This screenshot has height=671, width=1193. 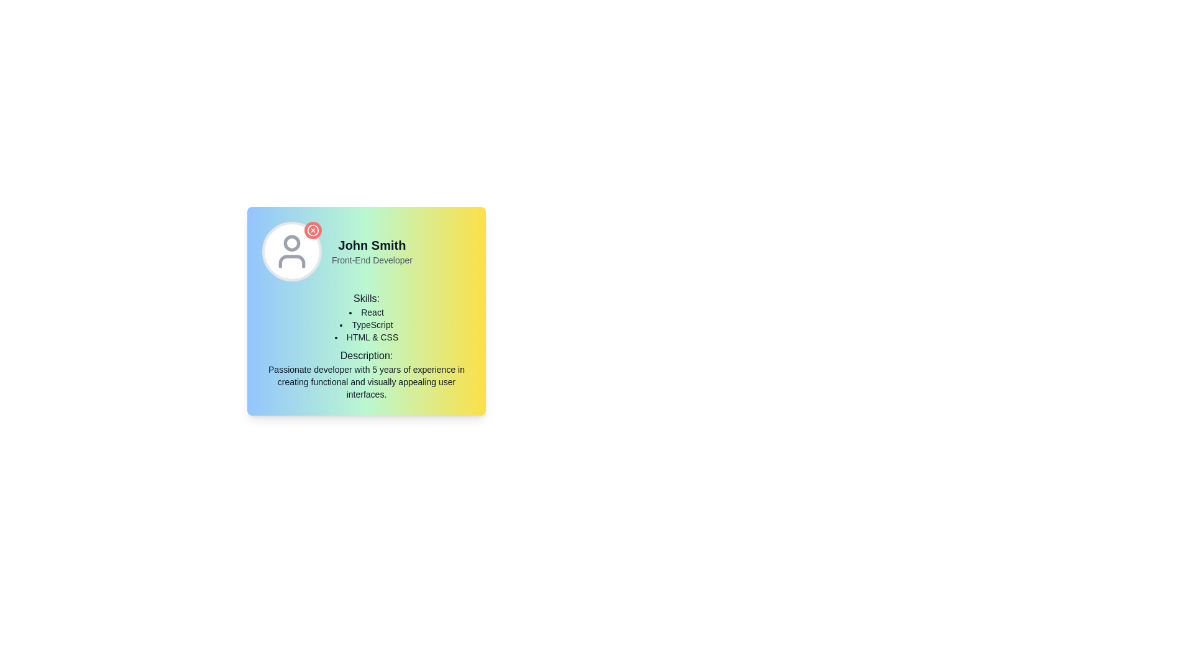 What do you see at coordinates (372, 260) in the screenshot?
I see `the text label displaying 'Front-End Developer' beneath 'John Smith' in the profile card` at bounding box center [372, 260].